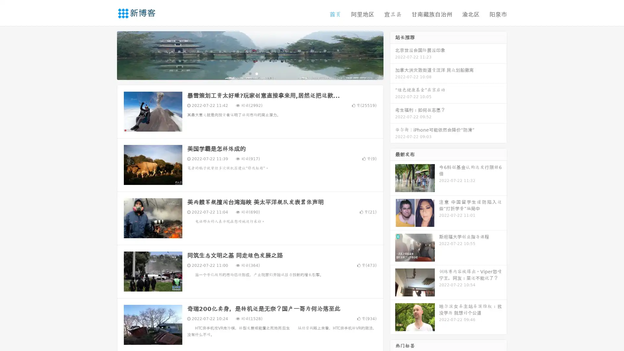 Image resolution: width=624 pixels, height=351 pixels. What do you see at coordinates (243, 73) in the screenshot?
I see `Go to slide 1` at bounding box center [243, 73].